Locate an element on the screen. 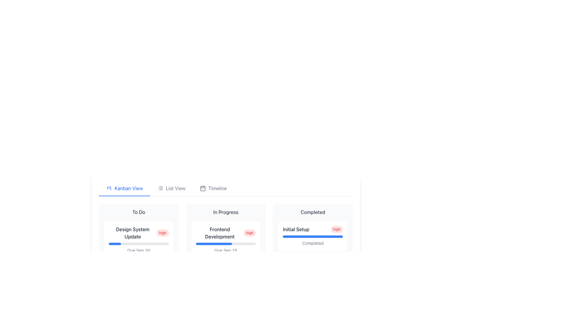  the 'Initial Setup' text label, which is bold and medium gray, located in the 'Completed' column above the status strip is located at coordinates (296, 229).